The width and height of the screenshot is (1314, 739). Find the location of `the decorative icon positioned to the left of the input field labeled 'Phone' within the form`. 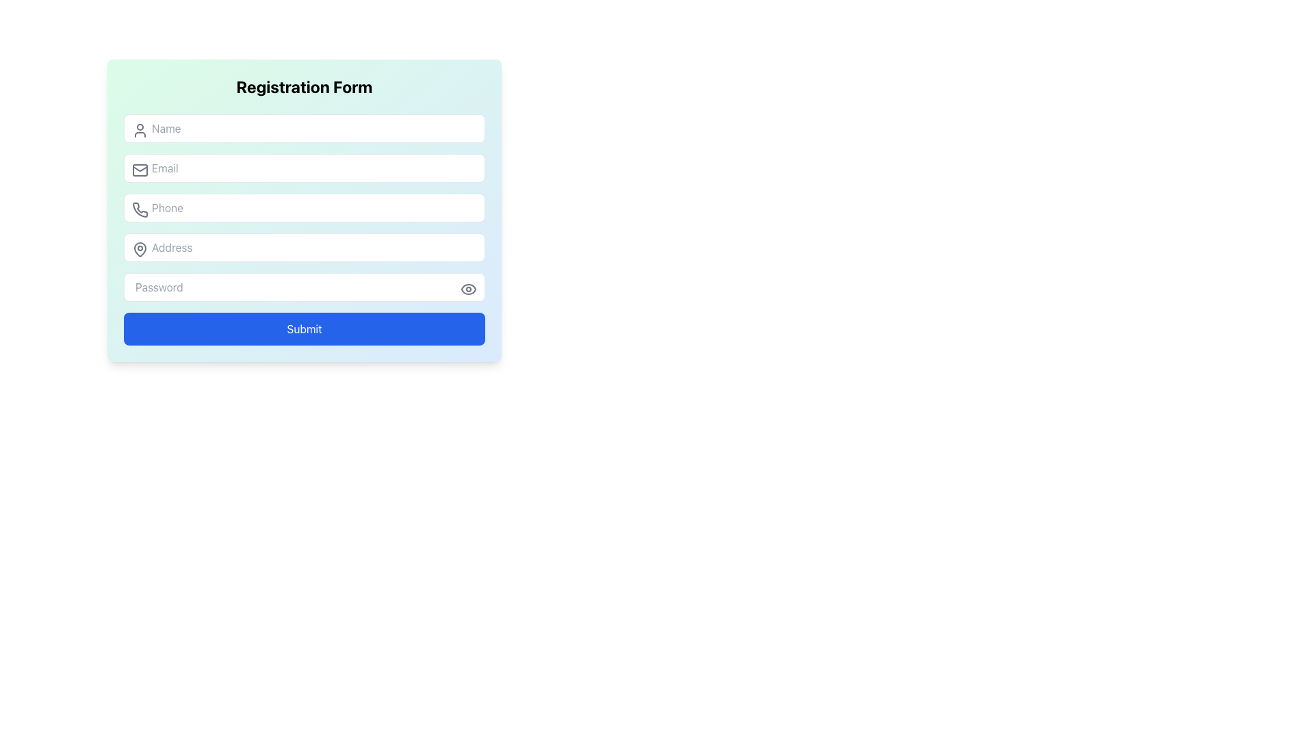

the decorative icon positioned to the left of the input field labeled 'Phone' within the form is located at coordinates (140, 210).